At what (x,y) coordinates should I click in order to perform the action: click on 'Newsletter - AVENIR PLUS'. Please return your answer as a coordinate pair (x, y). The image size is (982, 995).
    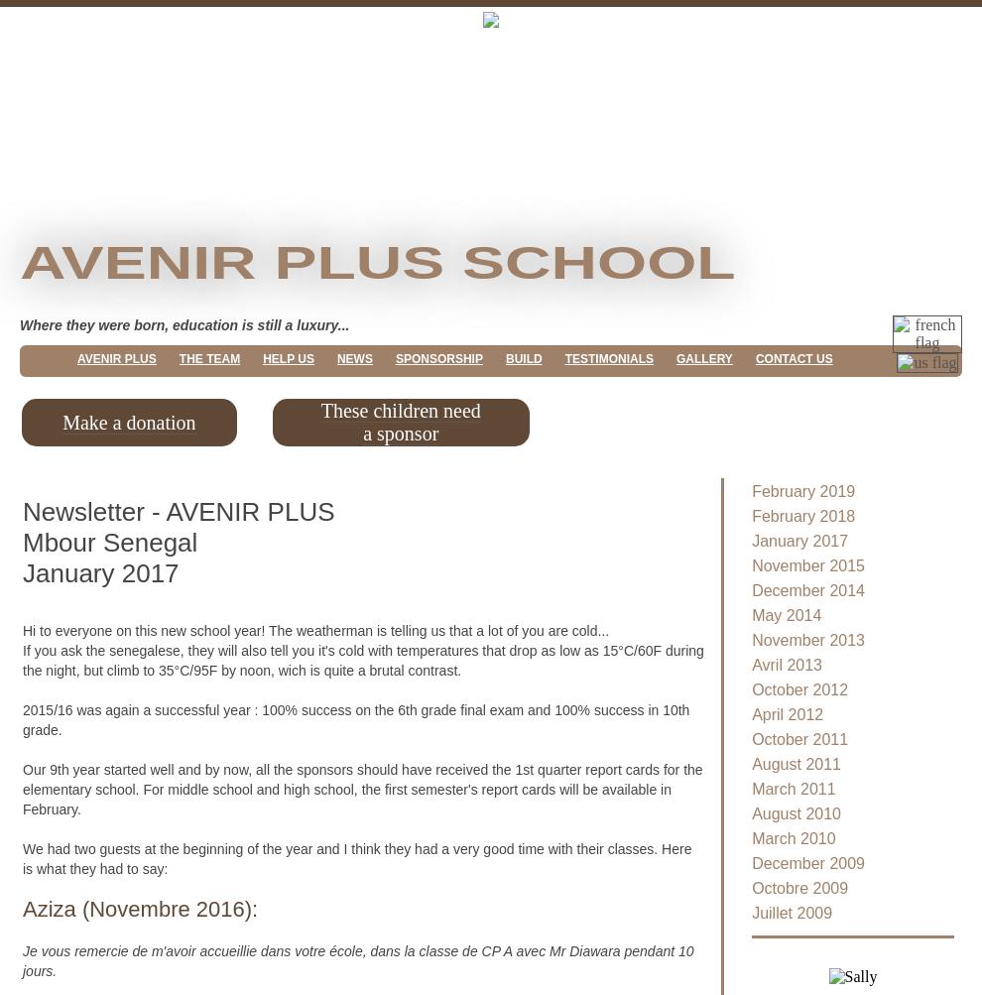
    Looking at the image, I should click on (178, 511).